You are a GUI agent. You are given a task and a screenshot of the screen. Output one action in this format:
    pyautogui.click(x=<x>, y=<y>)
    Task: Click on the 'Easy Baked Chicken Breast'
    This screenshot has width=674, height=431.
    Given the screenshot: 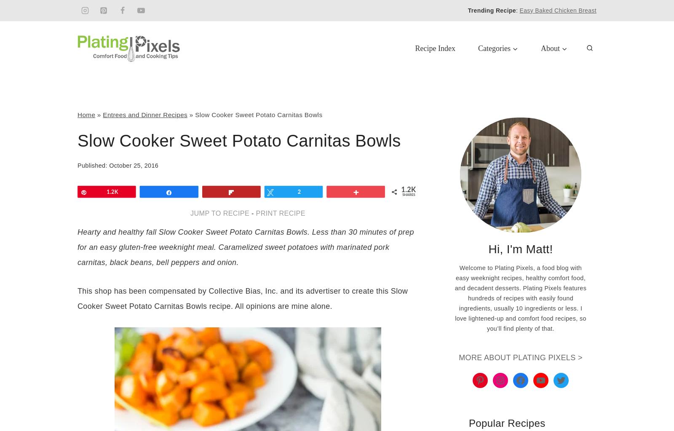 What is the action you would take?
    pyautogui.click(x=557, y=10)
    